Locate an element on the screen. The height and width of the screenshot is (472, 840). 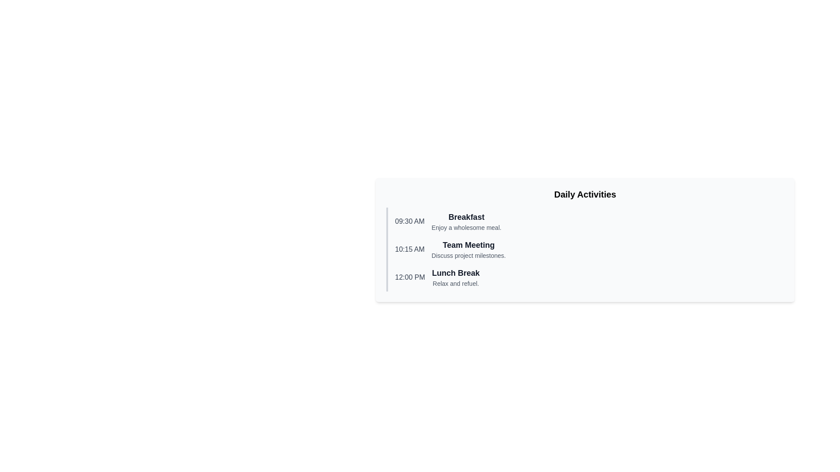
the text label displaying 'Team Meeting', which is prominently styled in bold and larger font size within the 'Daily Activities' section is located at coordinates (468, 245).